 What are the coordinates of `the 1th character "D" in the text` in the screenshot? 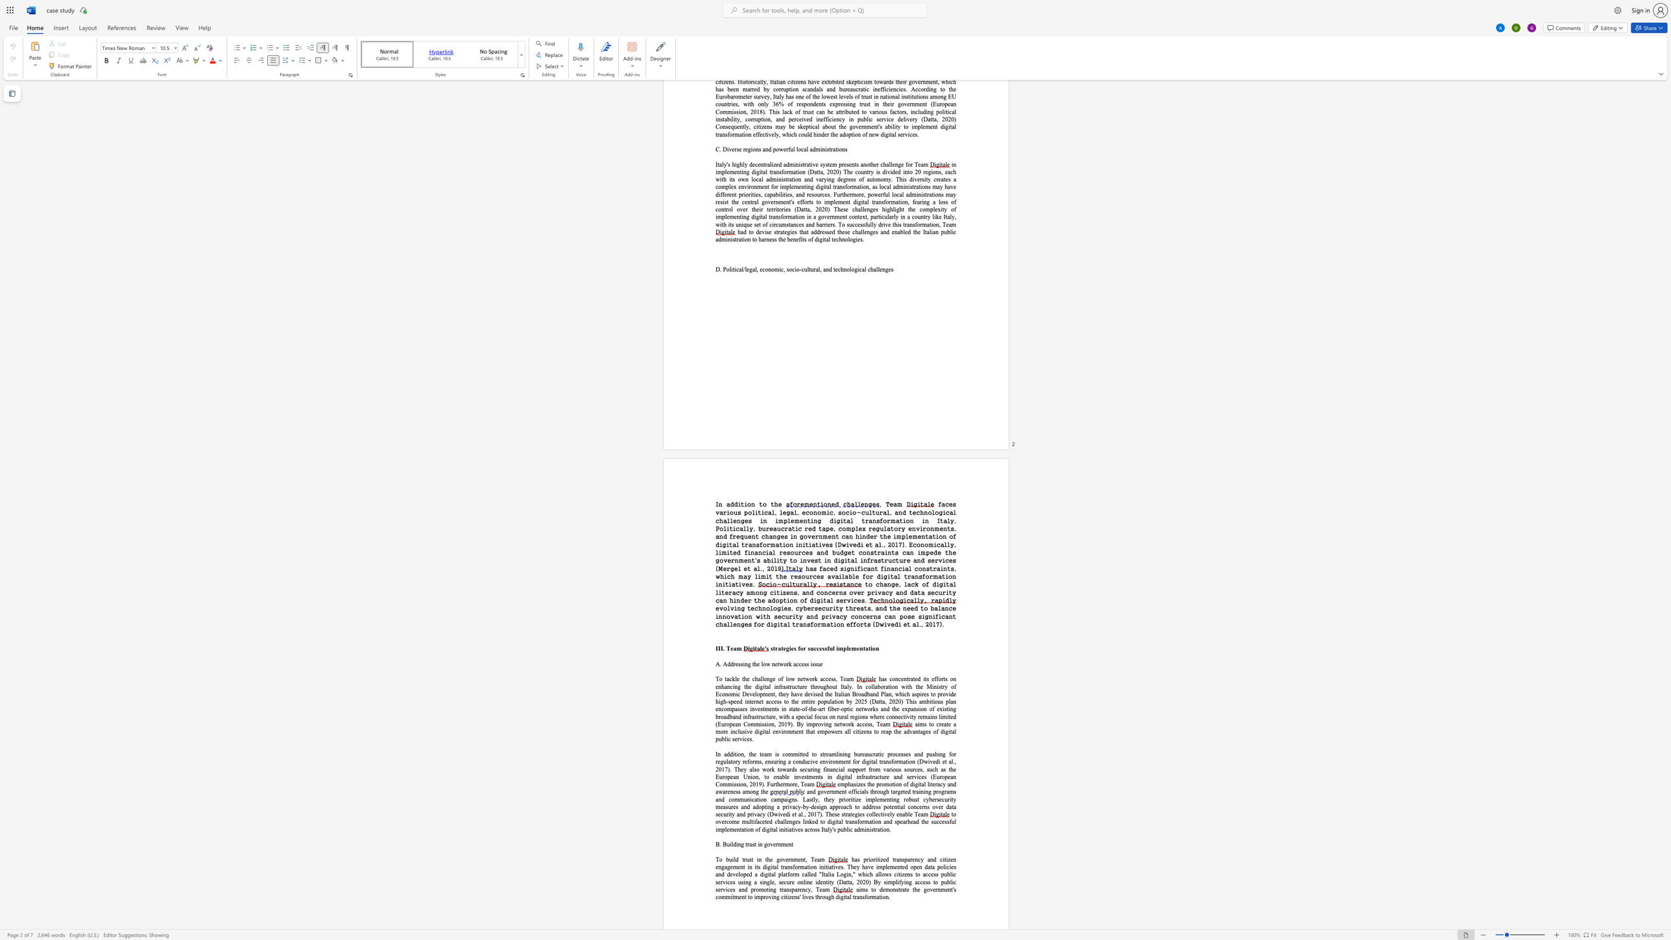 It's located at (921, 762).